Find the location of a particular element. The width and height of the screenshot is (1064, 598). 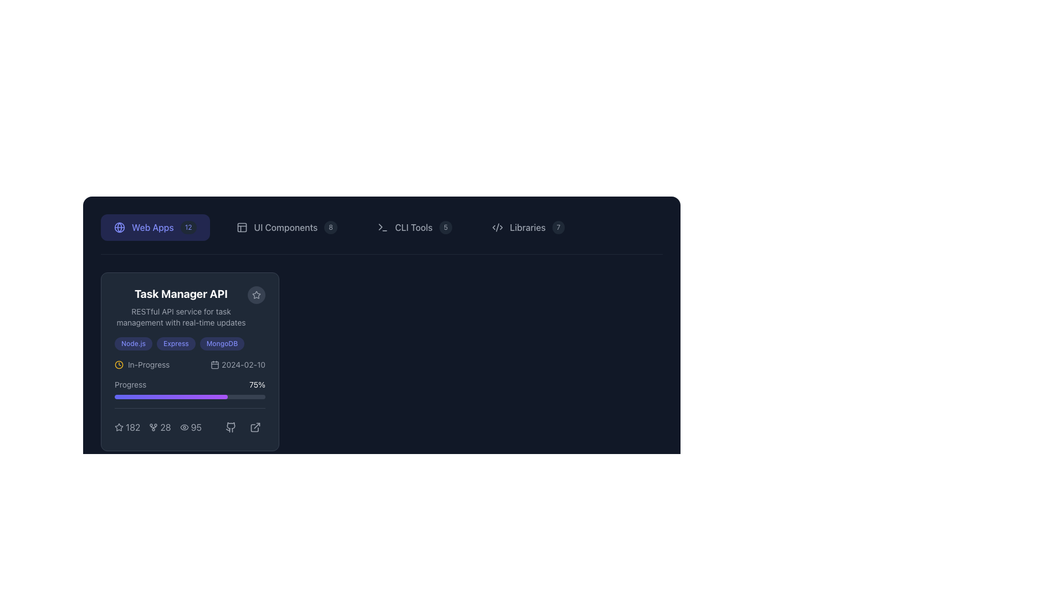

the icon depicting a branching structure followed by the number '28', which is the second item in a horizontal row at the bottom of a task card is located at coordinates (157, 426).